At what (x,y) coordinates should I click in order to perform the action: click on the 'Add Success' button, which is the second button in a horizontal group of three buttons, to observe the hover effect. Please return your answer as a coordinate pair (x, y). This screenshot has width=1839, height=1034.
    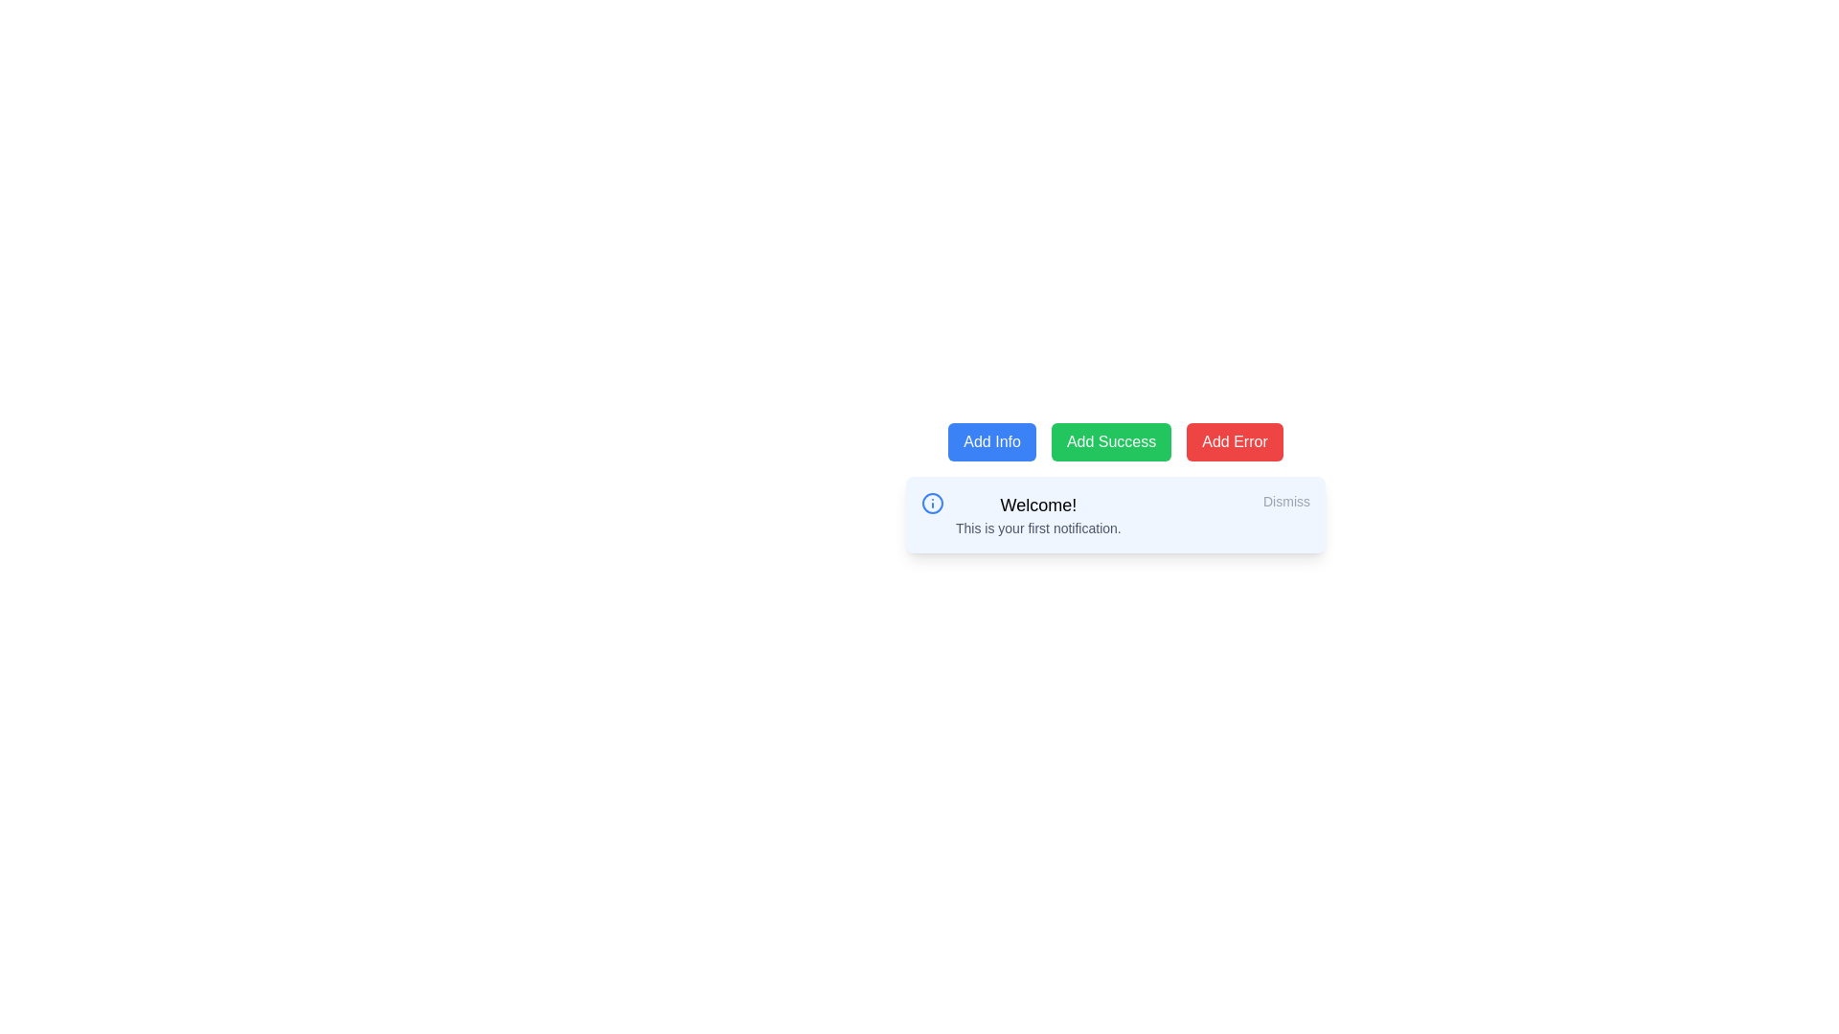
    Looking at the image, I should click on (1111, 442).